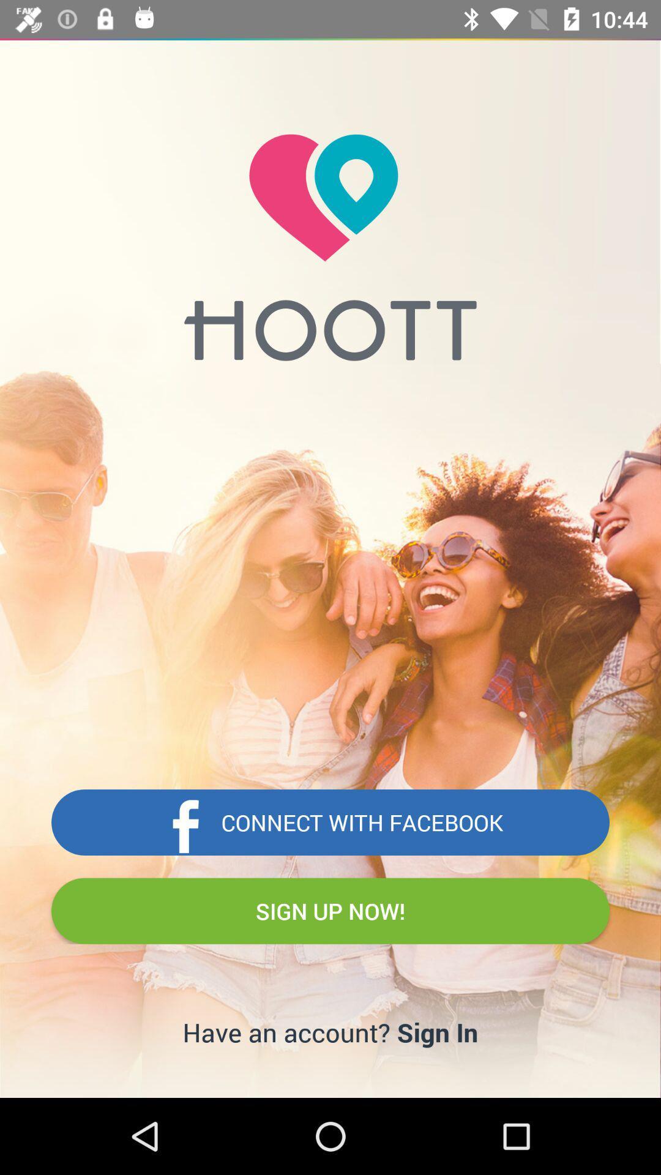  I want to click on sign up now!, so click(330, 911).